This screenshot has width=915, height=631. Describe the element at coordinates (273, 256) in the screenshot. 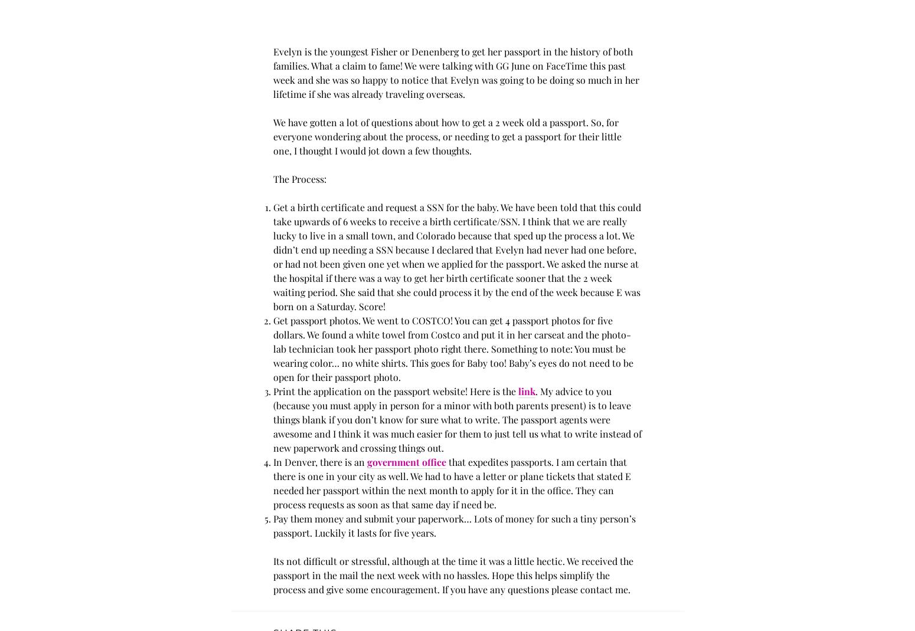

I see `'Get a birth certificate and request a SSN for the baby. We have been told that this could take upwards of 6 weeks to receive a birth certificate/SSN. I think that we are really lucky to live in a small town, and Colorado because that sped up the process a lot. We didn’t end up needing a SSN because I declared that Evelyn had never had one before, or had not been given one yet when we applied for the passport. We asked the nurse at the hospital if there was a way to get her birth certificate sooner that the 2 week waiting period. She said that she could process it by the end of the week because E was born on a Saturday. Score!'` at that location.